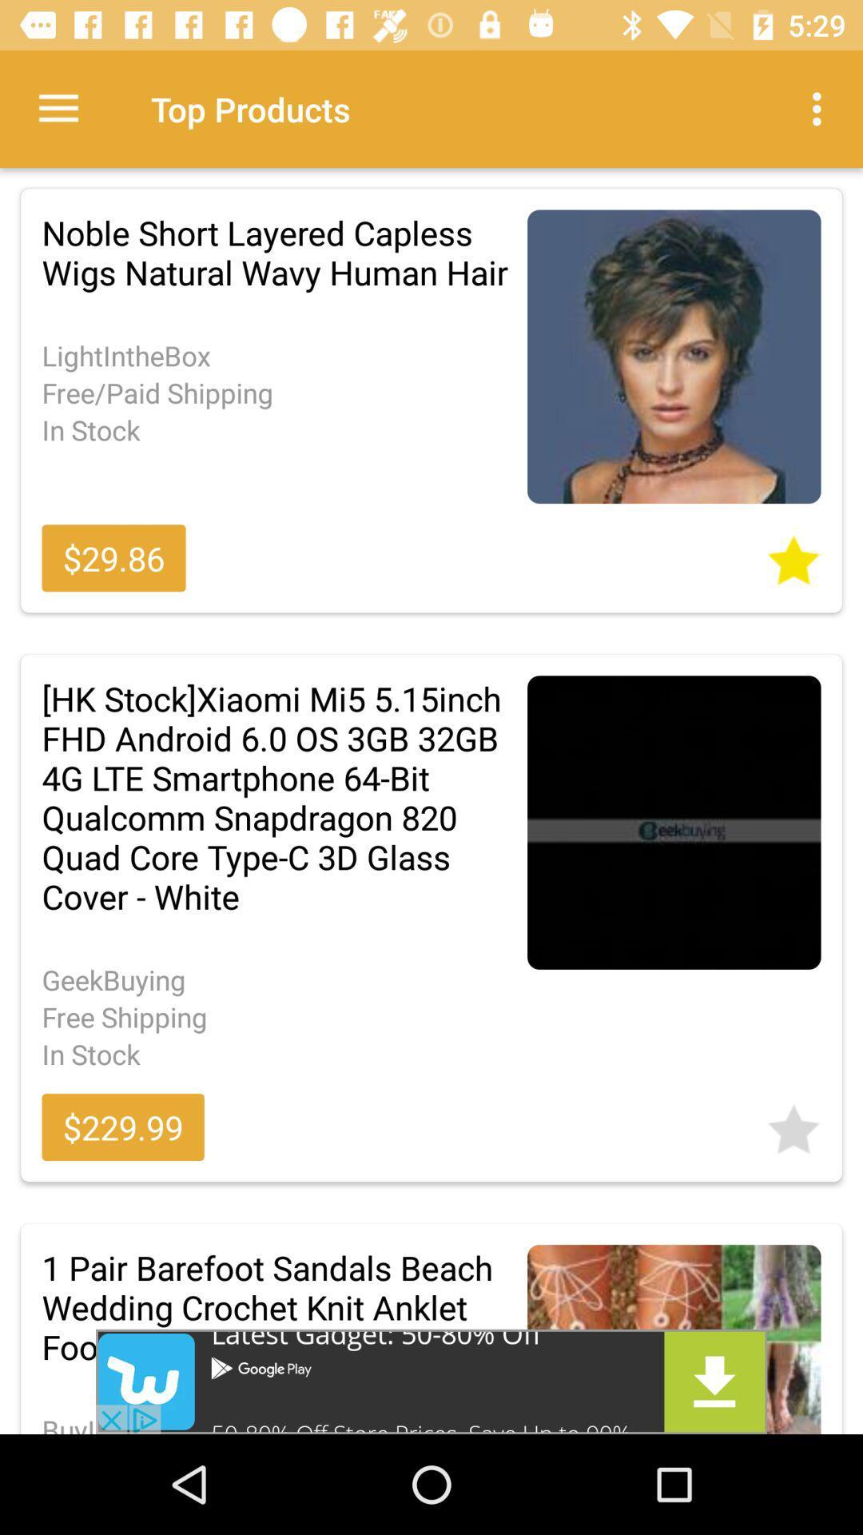  What do you see at coordinates (431, 1381) in the screenshot?
I see `advertisement` at bounding box center [431, 1381].